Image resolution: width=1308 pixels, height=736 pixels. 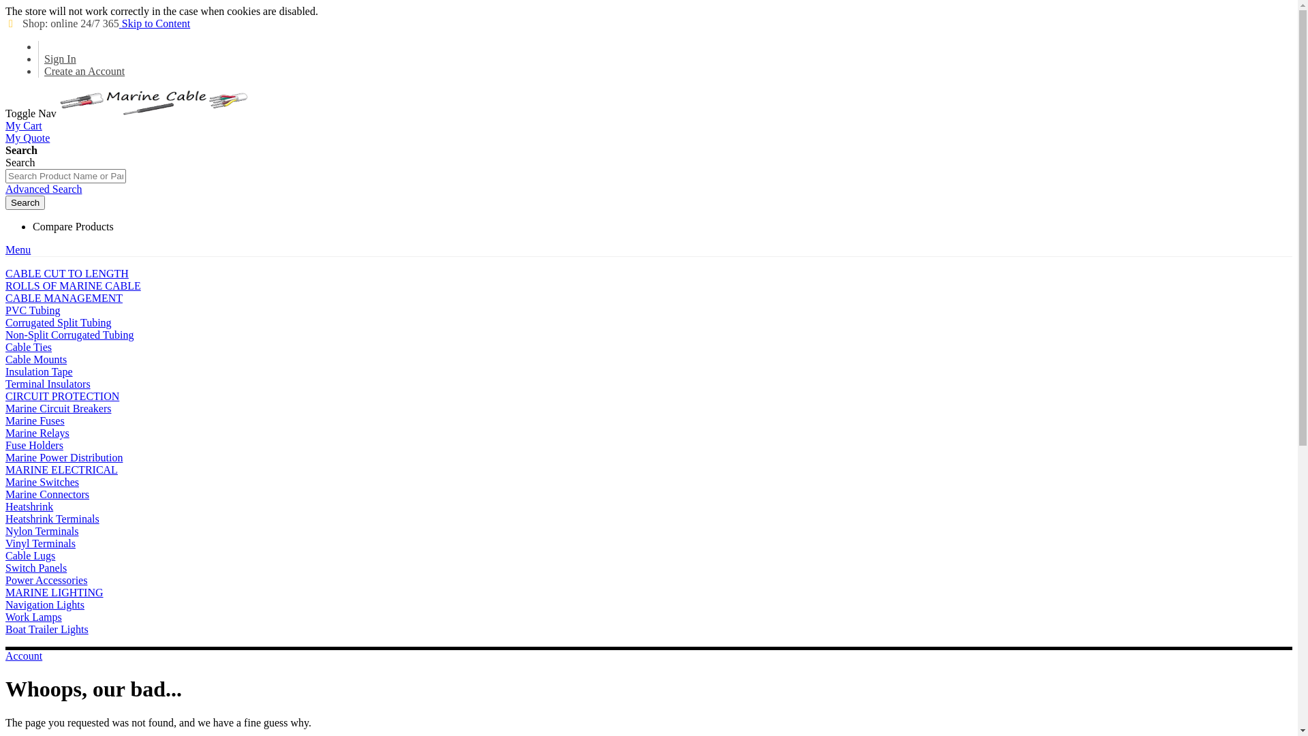 I want to click on 'Cable Lugs', so click(x=30, y=555).